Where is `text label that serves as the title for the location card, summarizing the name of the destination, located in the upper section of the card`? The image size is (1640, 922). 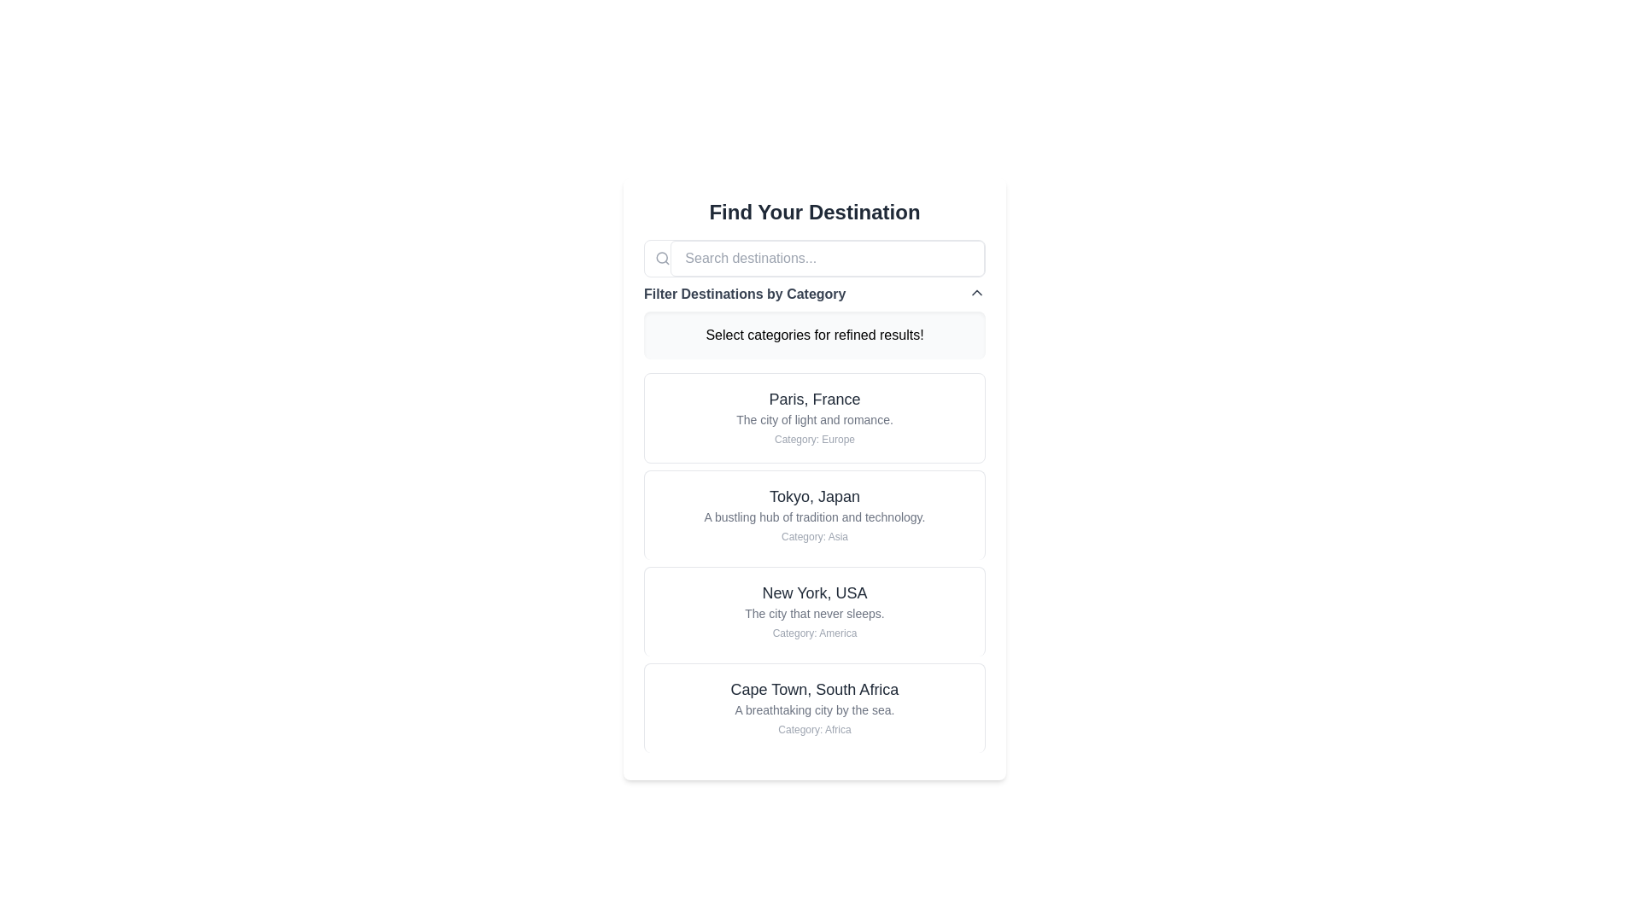 text label that serves as the title for the location card, summarizing the name of the destination, located in the upper section of the card is located at coordinates (814, 399).